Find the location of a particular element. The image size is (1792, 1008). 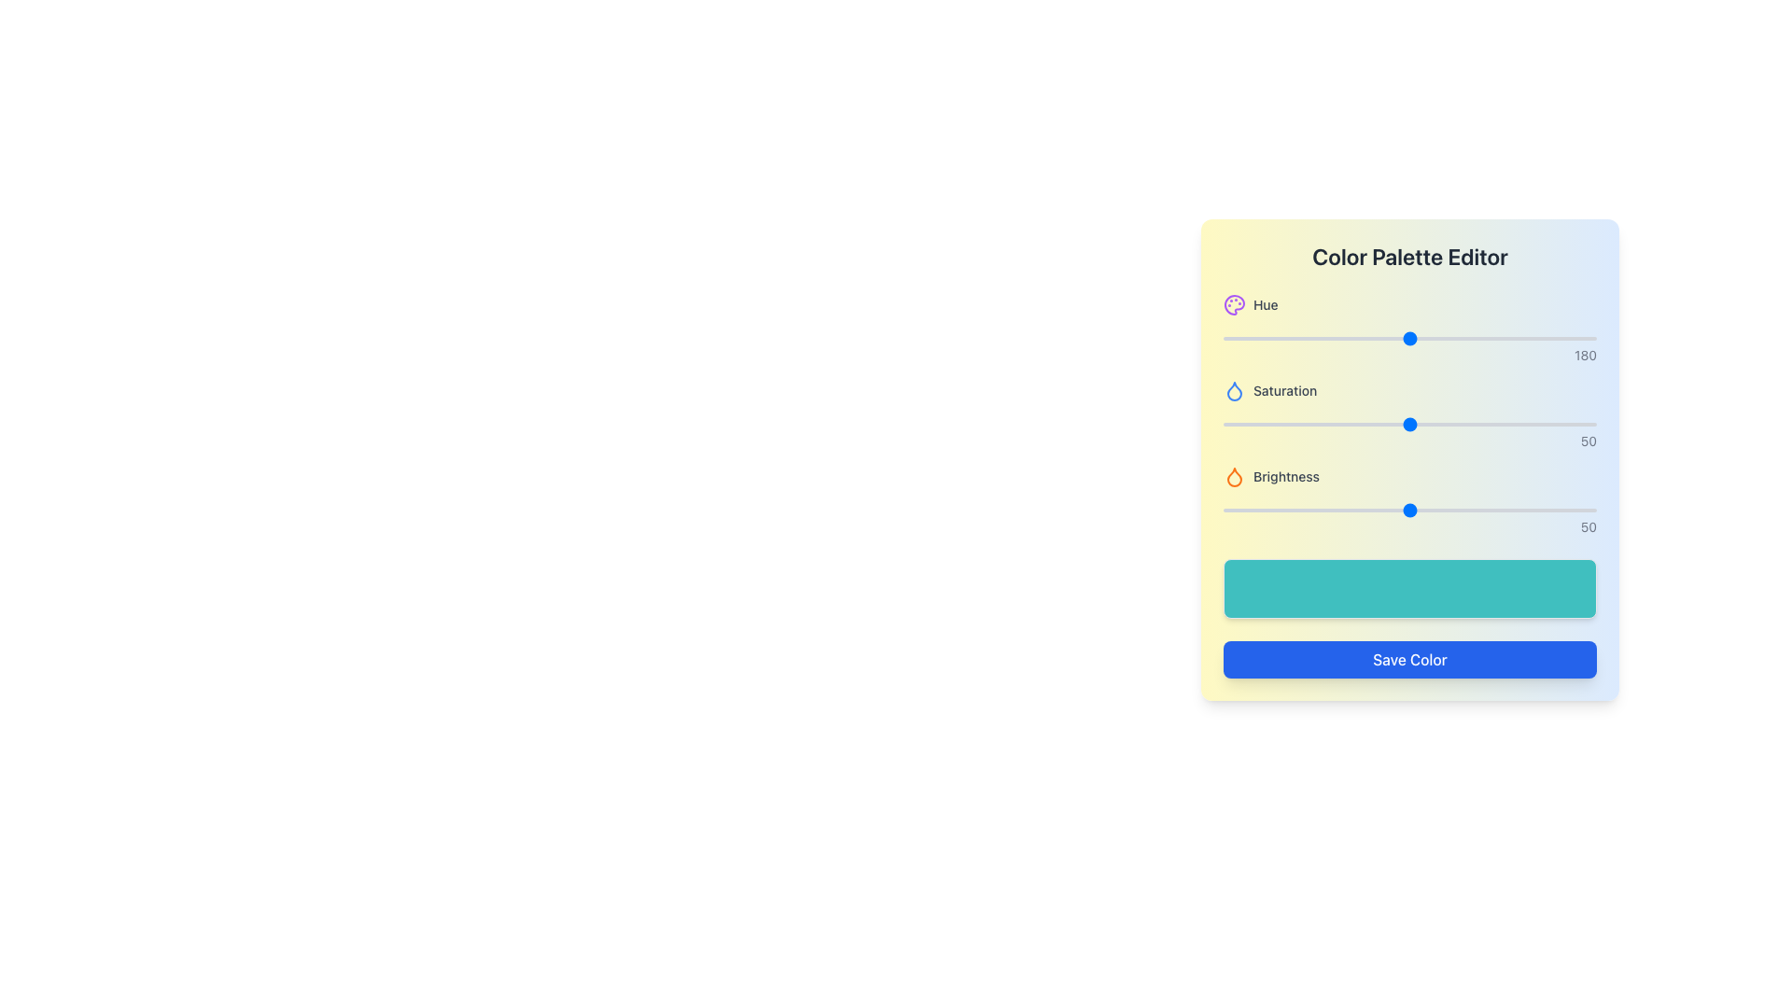

the saturation level is located at coordinates (1551, 425).